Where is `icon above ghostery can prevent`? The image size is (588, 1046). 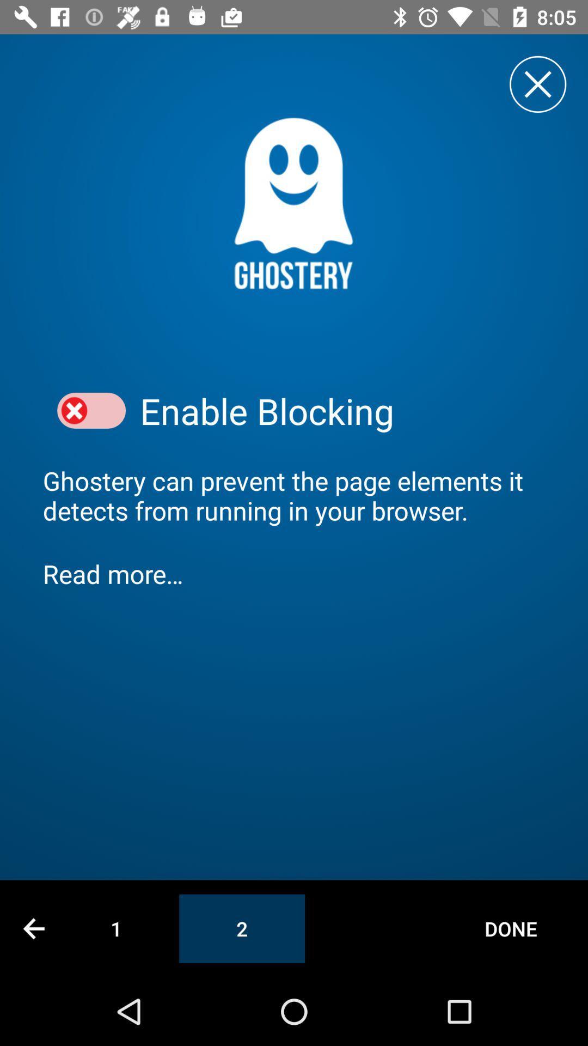
icon above ghostery can prevent is located at coordinates (91, 410).